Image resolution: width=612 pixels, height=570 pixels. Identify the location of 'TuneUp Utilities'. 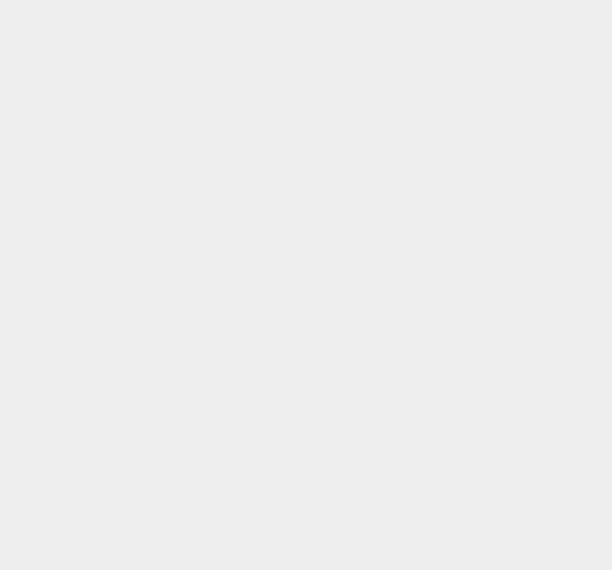
(457, 43).